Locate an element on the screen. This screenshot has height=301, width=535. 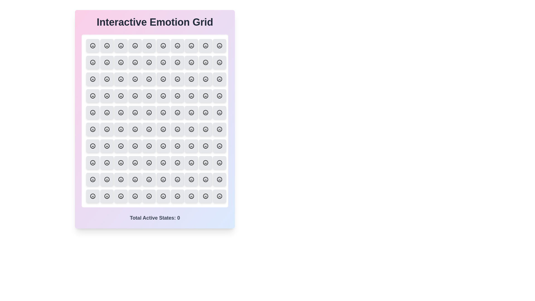
the text displaying the total active states below the grid is located at coordinates (155, 218).